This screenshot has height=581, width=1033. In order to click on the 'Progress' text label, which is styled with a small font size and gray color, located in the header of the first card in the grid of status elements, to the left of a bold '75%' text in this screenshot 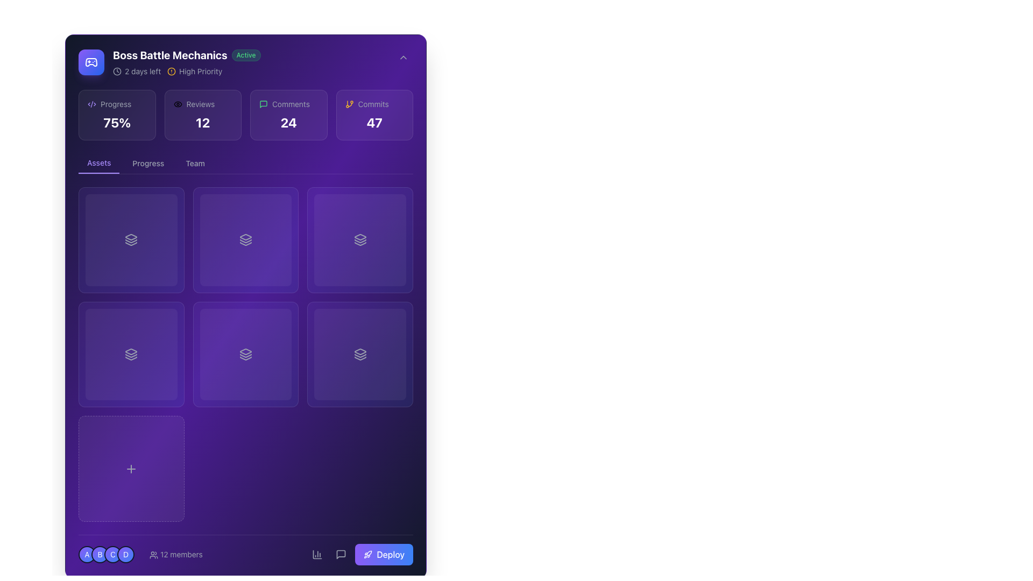, I will do `click(117, 104)`.